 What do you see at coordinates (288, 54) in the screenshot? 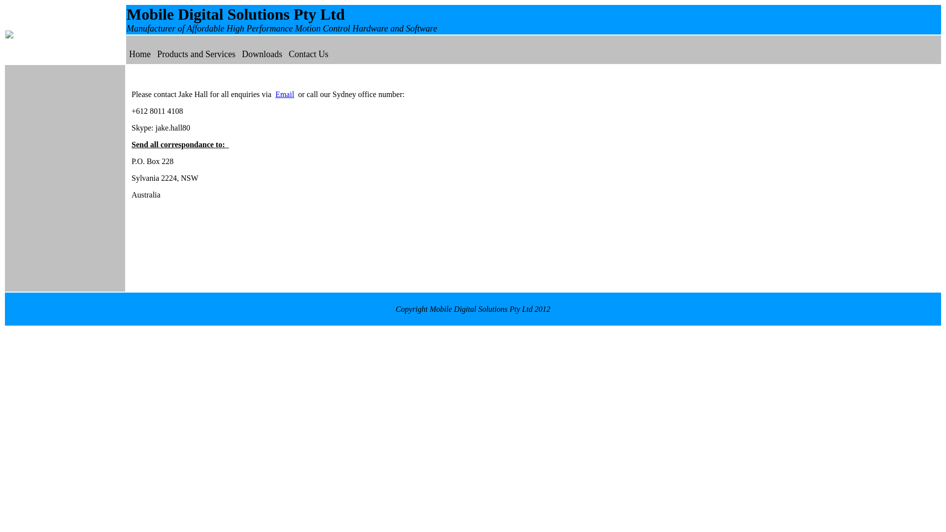
I see `'Contact Us'` at bounding box center [288, 54].